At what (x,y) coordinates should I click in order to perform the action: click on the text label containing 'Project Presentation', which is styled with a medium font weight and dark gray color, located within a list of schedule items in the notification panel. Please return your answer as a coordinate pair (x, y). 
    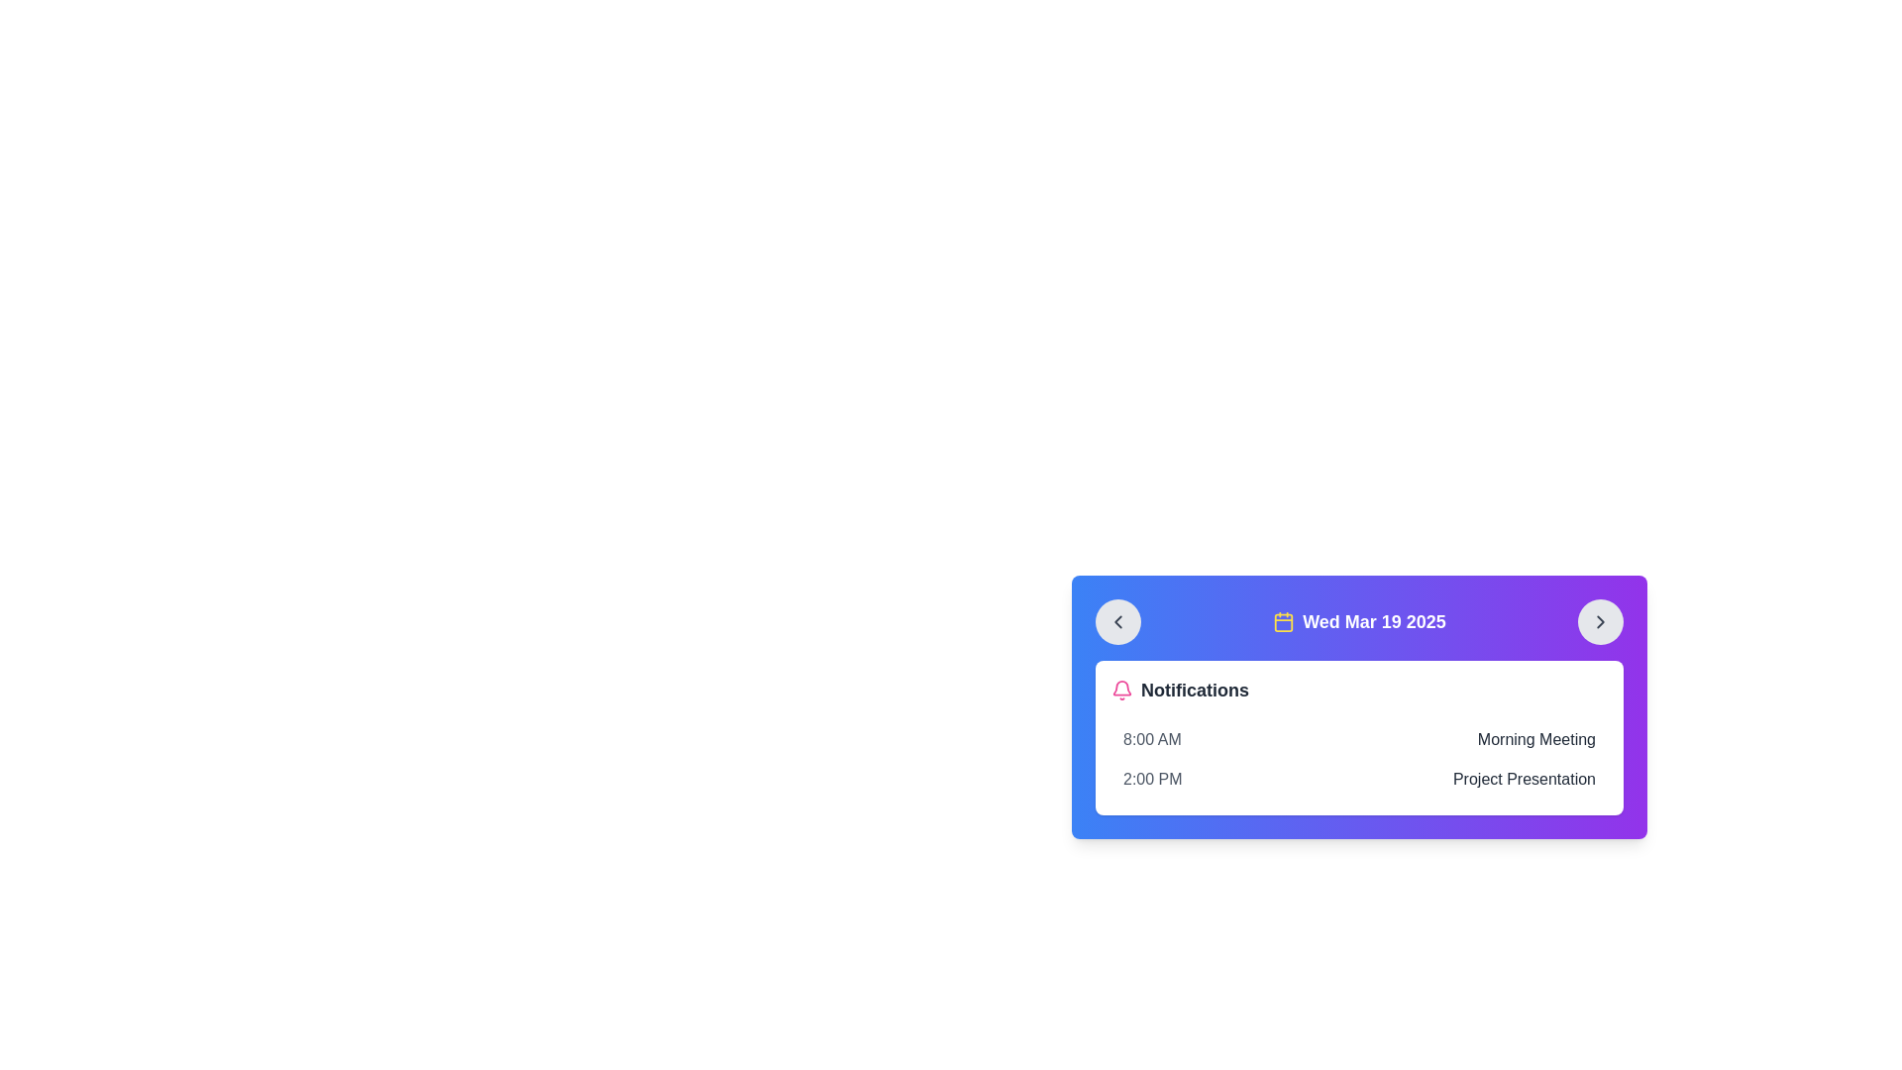
    Looking at the image, I should click on (1523, 778).